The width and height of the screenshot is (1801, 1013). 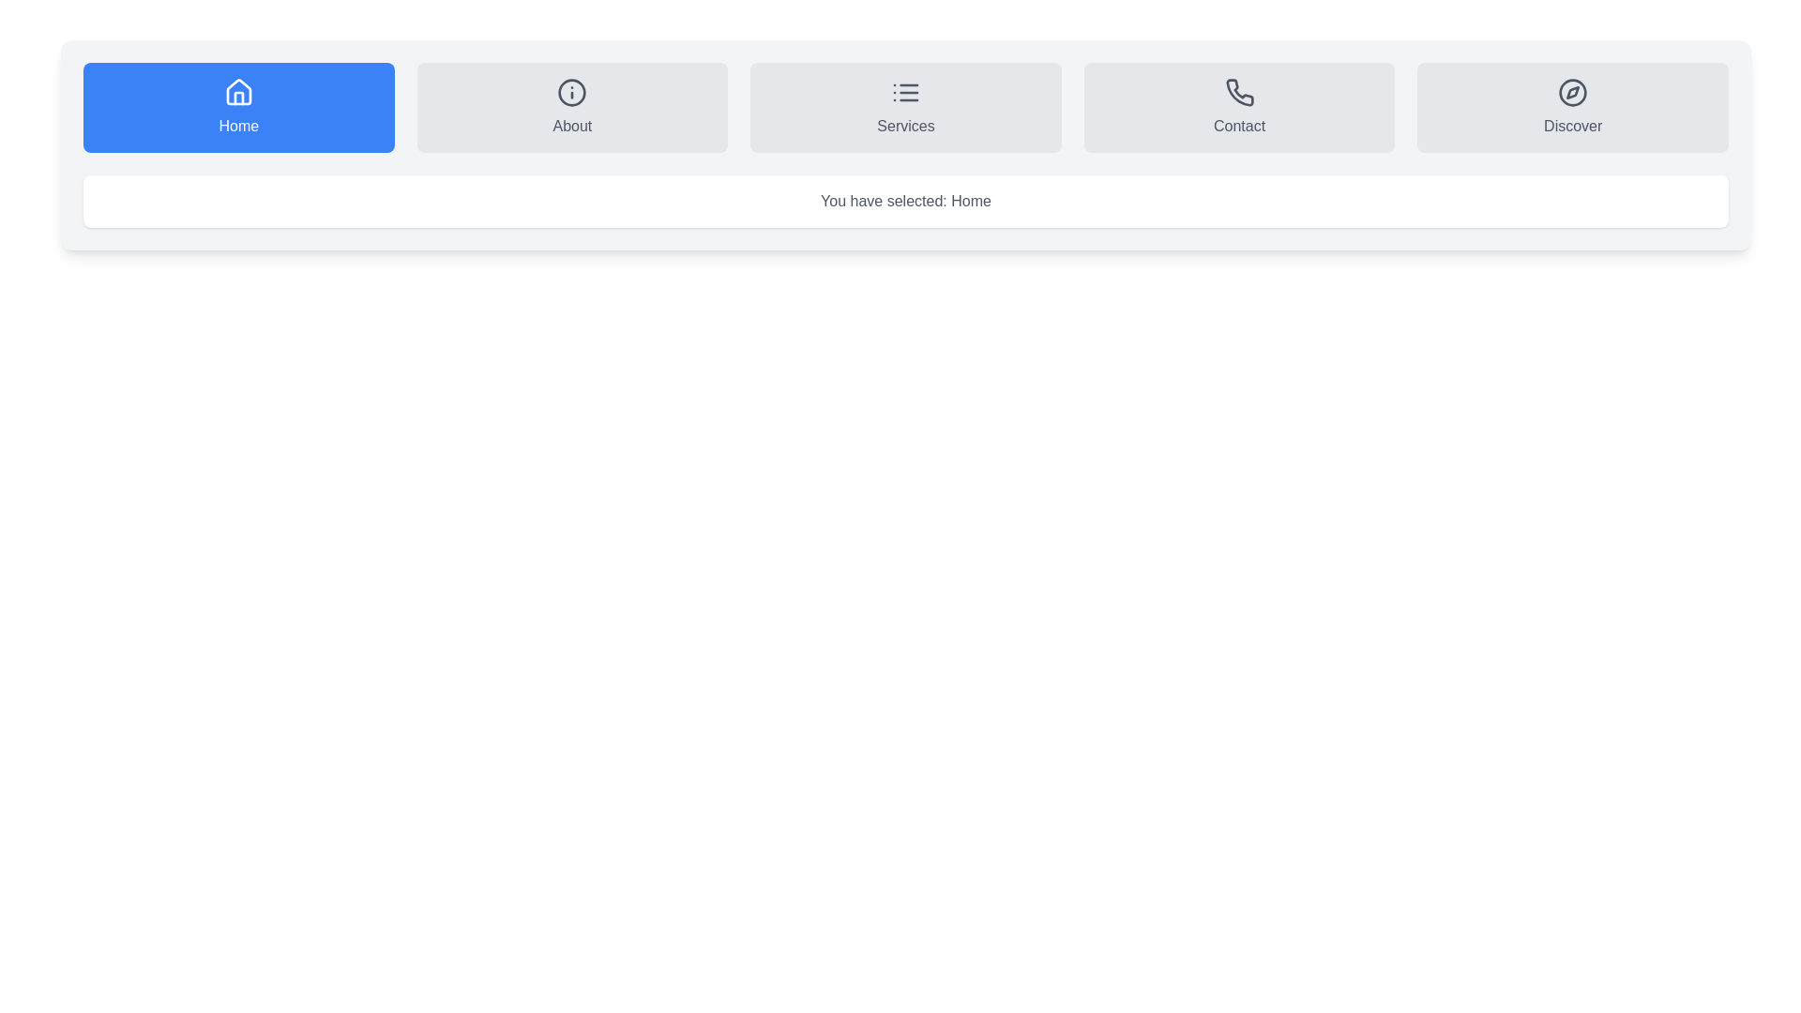 What do you see at coordinates (905, 127) in the screenshot?
I see `the 'Services' text label located in the third section of the horizontal navigation menu` at bounding box center [905, 127].